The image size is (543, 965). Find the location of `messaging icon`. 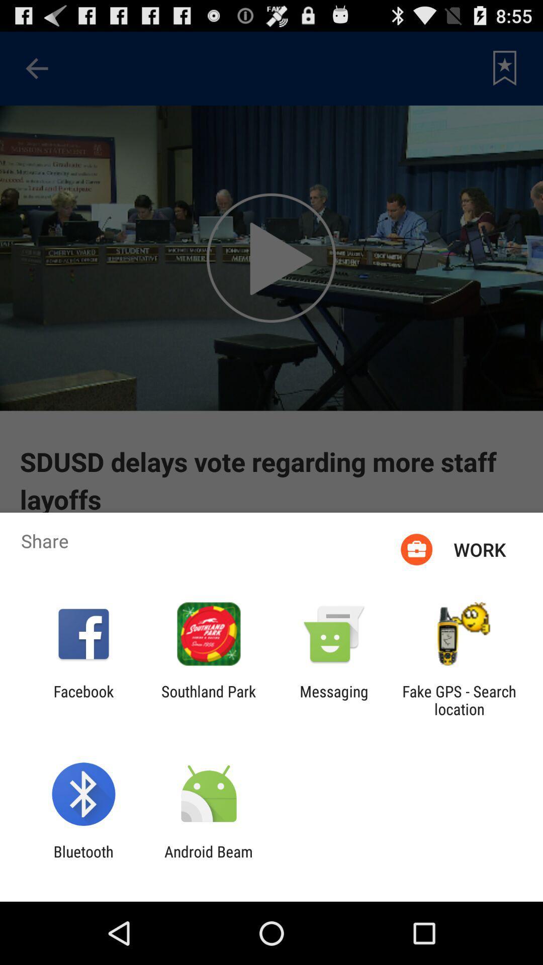

messaging icon is located at coordinates (334, 700).